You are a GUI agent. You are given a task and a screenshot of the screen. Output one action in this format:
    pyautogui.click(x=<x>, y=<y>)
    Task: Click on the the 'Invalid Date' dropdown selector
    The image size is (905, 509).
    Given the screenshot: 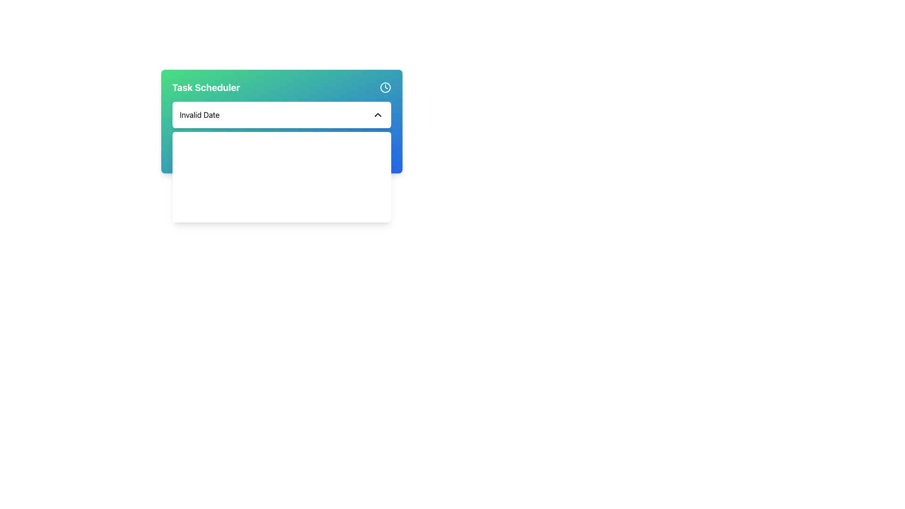 What is the action you would take?
    pyautogui.click(x=281, y=114)
    